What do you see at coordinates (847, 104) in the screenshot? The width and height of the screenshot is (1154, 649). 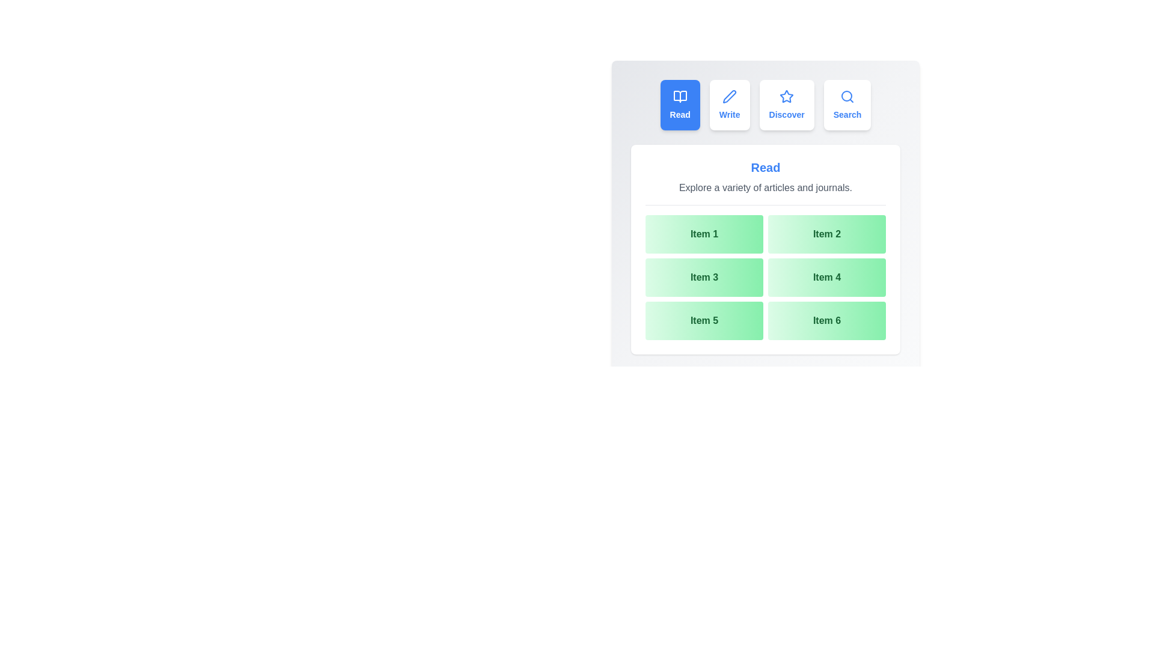 I see `the tab labeled Search to preview its hover effect` at bounding box center [847, 104].